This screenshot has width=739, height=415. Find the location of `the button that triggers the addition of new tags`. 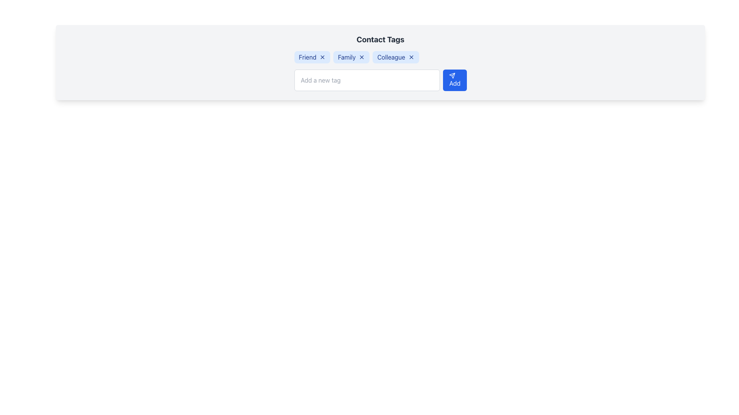

the button that triggers the addition of new tags is located at coordinates (455, 80).